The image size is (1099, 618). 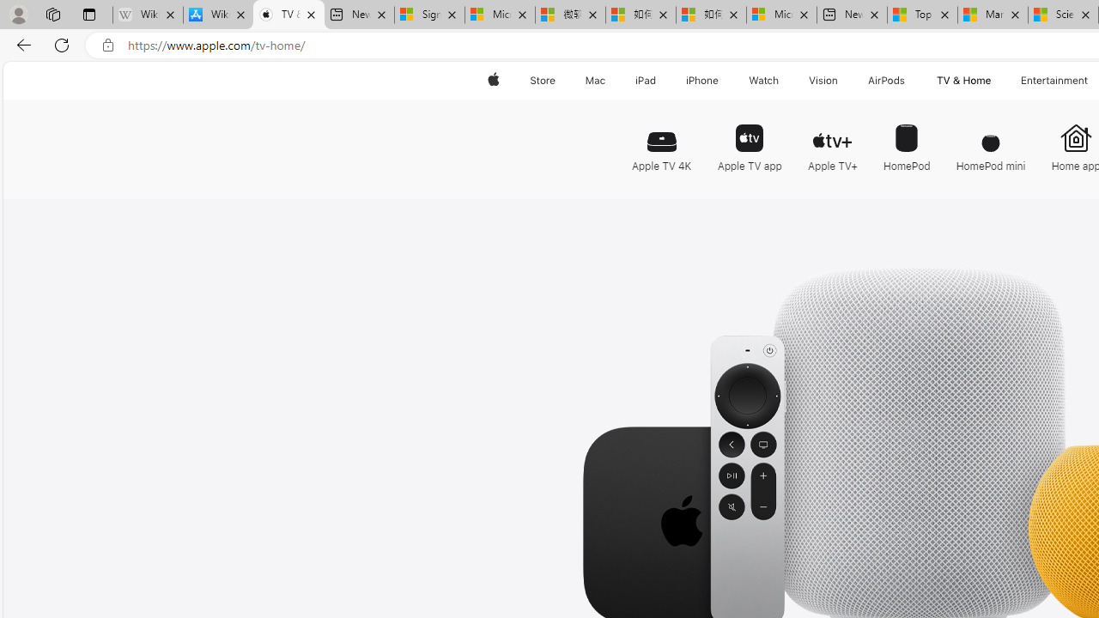 What do you see at coordinates (832, 139) in the screenshot?
I see `'Apple TV+'` at bounding box center [832, 139].